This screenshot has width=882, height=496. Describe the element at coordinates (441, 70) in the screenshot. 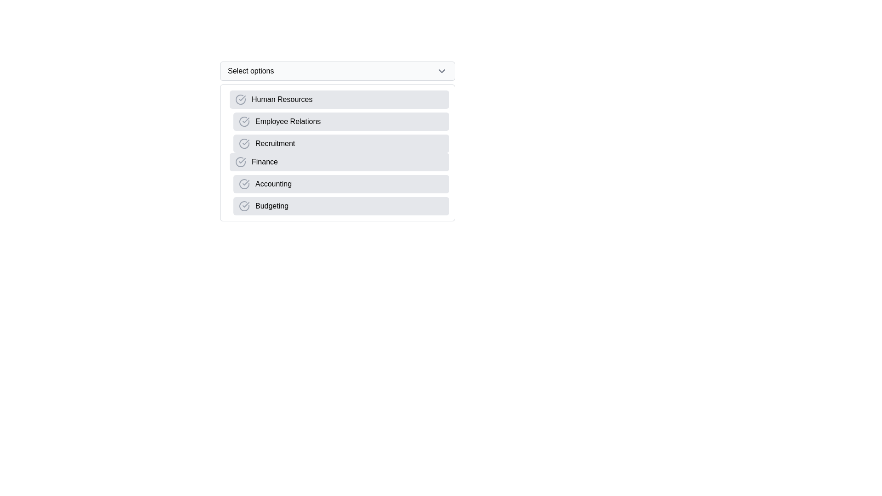

I see `the Icon button located at the far-right end of the 'Select options' row to trigger hover effects` at that location.